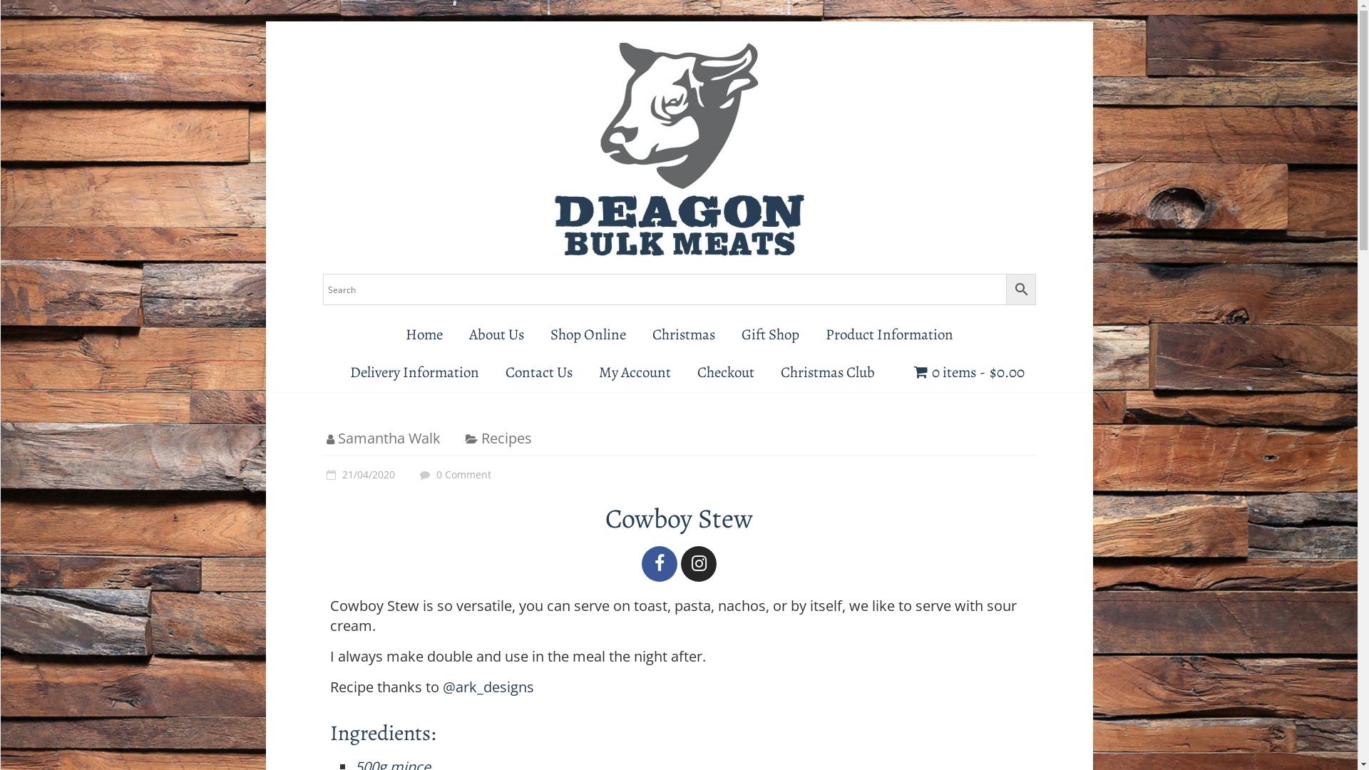 The image size is (1369, 770). I want to click on 'Samantha Walk', so click(337, 437).